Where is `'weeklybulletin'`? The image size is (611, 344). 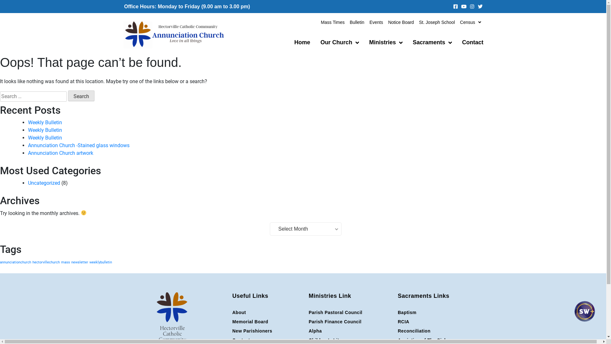
'weeklybulletin' is located at coordinates (89, 262).